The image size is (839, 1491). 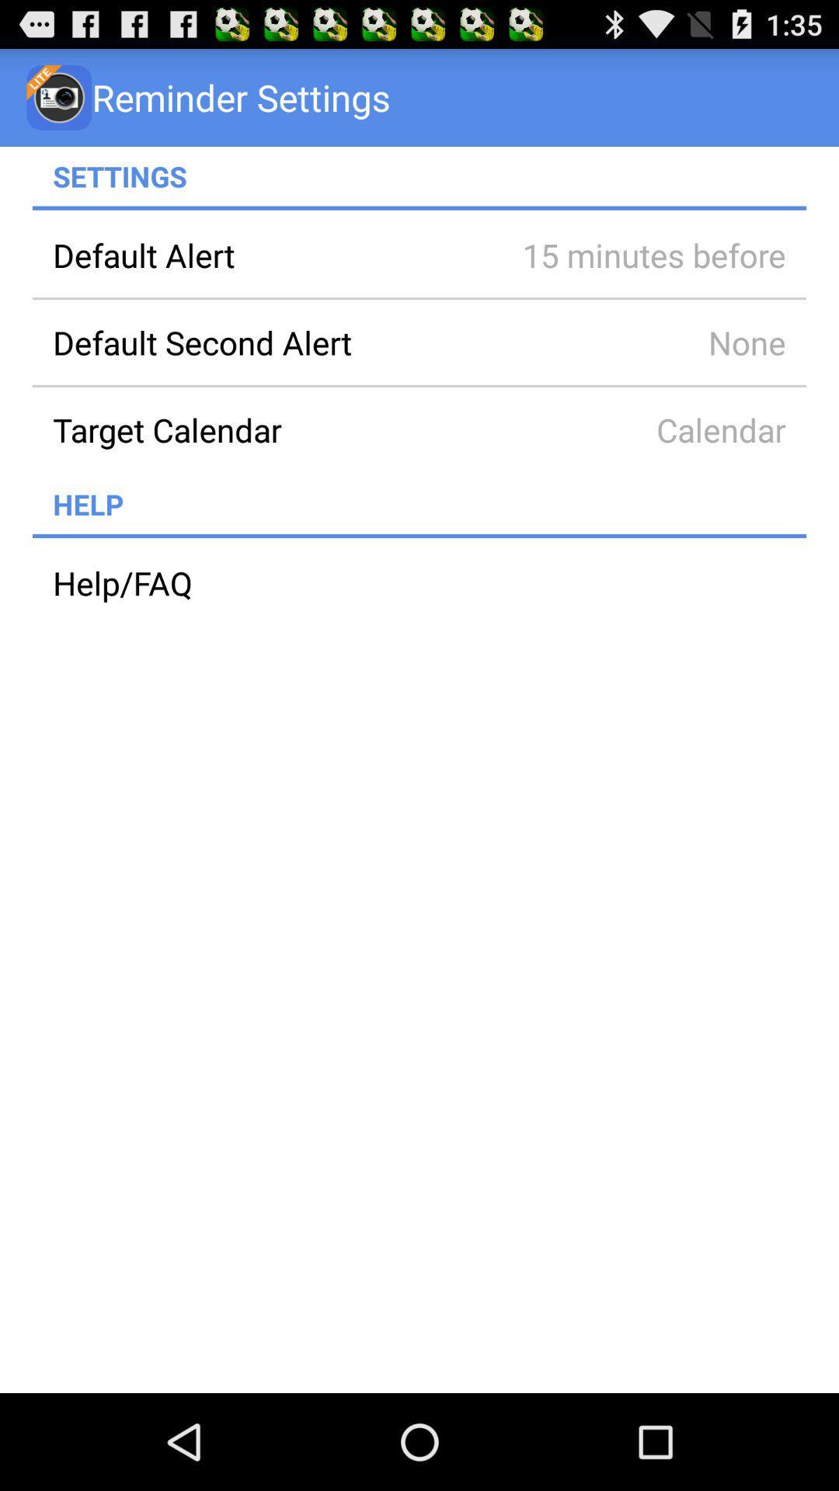 What do you see at coordinates (632, 342) in the screenshot?
I see `the item above the calendar` at bounding box center [632, 342].